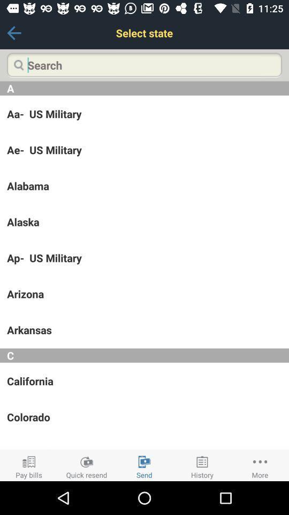  What do you see at coordinates (13, 33) in the screenshot?
I see `go back` at bounding box center [13, 33].